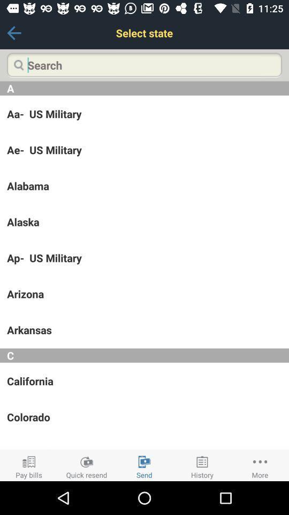  What do you see at coordinates (13, 33) in the screenshot?
I see `go back` at bounding box center [13, 33].